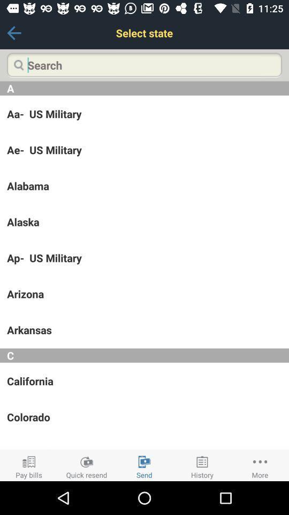  What do you see at coordinates (13, 33) in the screenshot?
I see `go back` at bounding box center [13, 33].